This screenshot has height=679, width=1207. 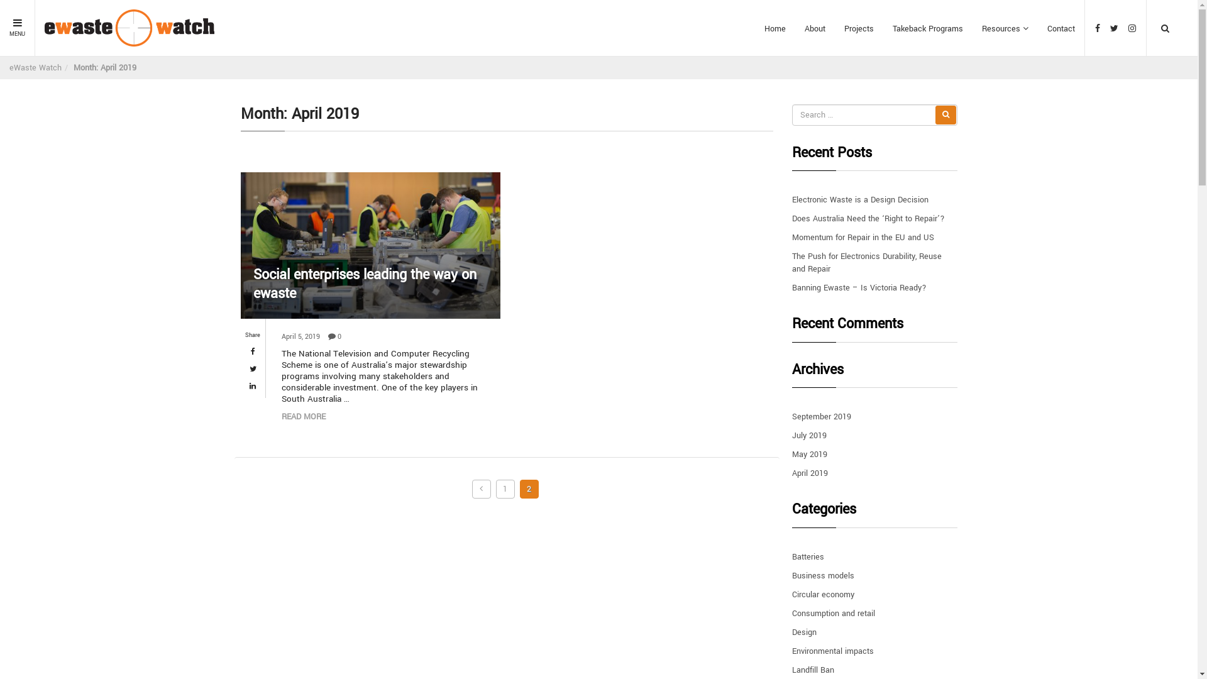 I want to click on 'Batteries', so click(x=791, y=556).